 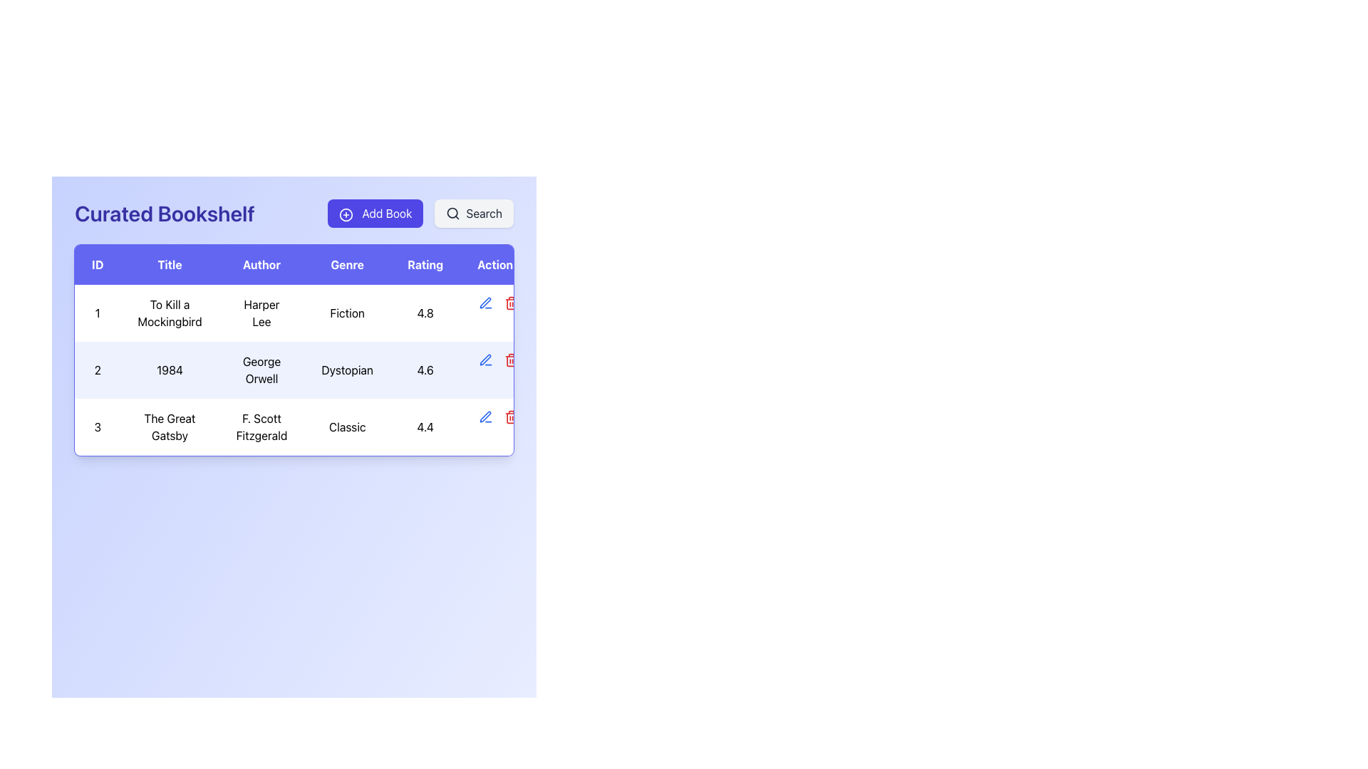 What do you see at coordinates (97, 312) in the screenshot?
I see `the text label displaying the number '1' in the first cell under the 'ID' column for the book 'To Kill a Mockingbird' in the table` at bounding box center [97, 312].